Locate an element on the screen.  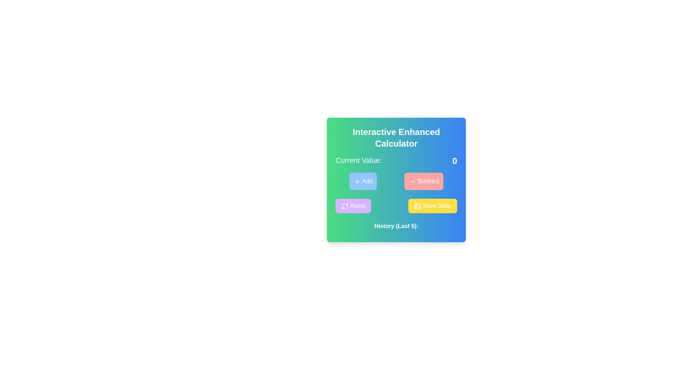
the yellow 'Save State' button with a save disk icon, located to the right of the 'Reset' button is located at coordinates (433, 206).